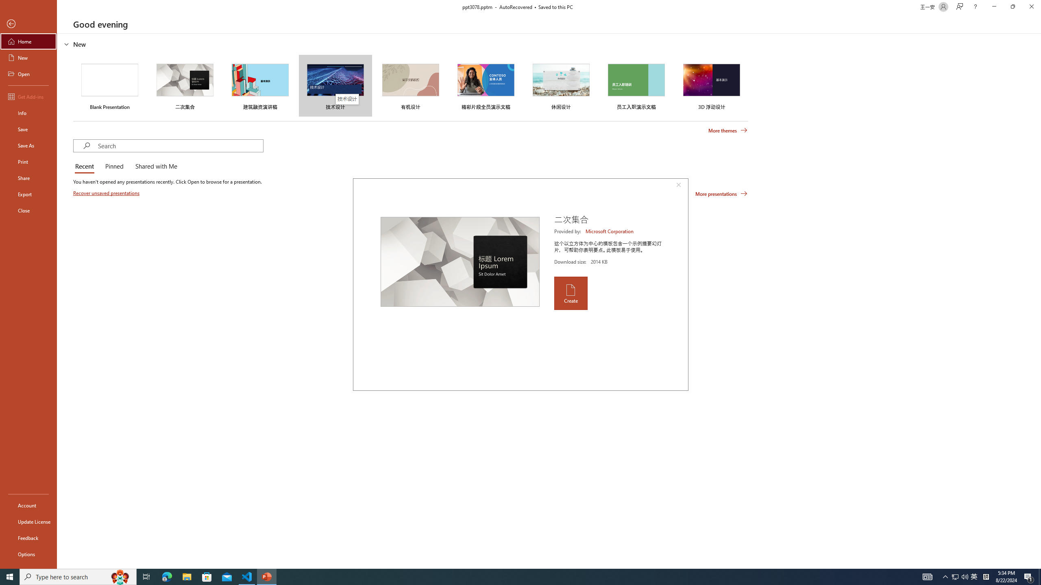 Image resolution: width=1041 pixels, height=585 pixels. I want to click on 'Update License', so click(28, 521).